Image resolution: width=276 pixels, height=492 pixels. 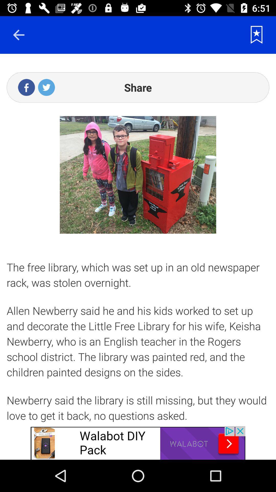 I want to click on go back, so click(x=18, y=35).